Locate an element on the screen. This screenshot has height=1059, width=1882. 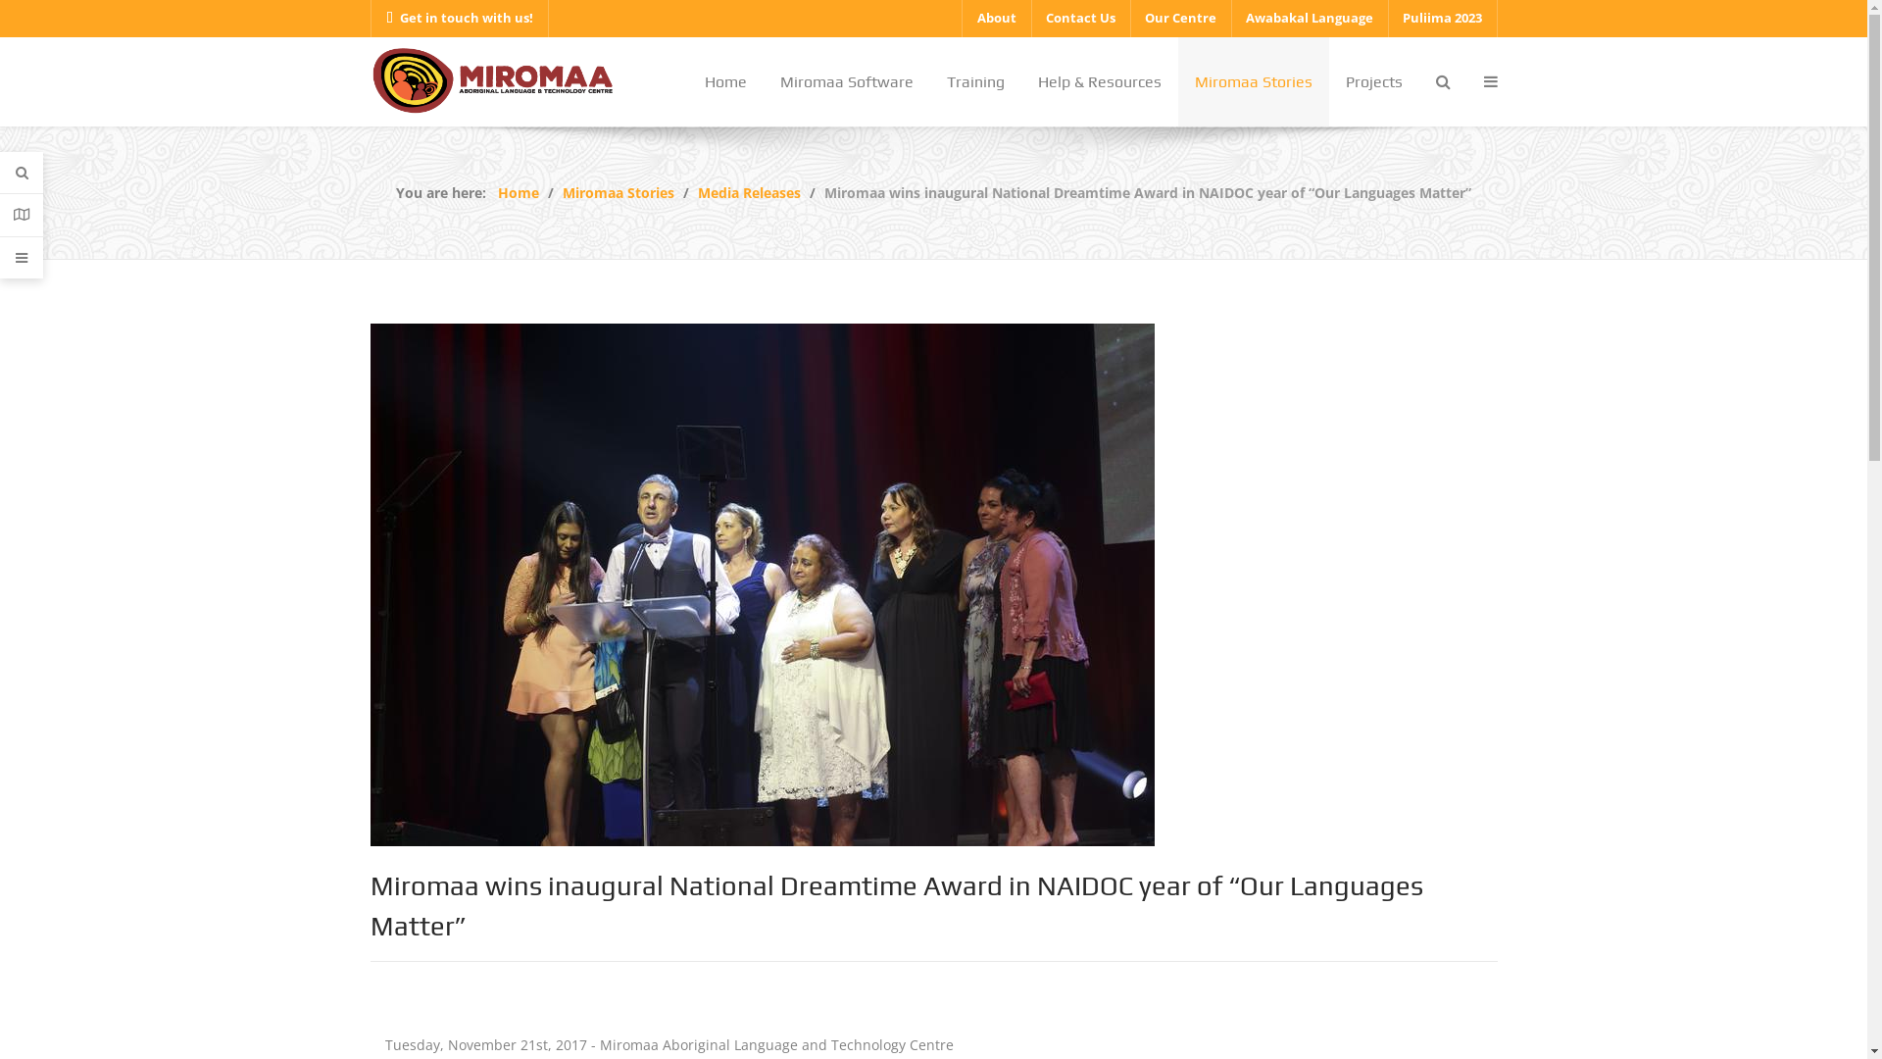
'Our Centre' is located at coordinates (1178, 19).